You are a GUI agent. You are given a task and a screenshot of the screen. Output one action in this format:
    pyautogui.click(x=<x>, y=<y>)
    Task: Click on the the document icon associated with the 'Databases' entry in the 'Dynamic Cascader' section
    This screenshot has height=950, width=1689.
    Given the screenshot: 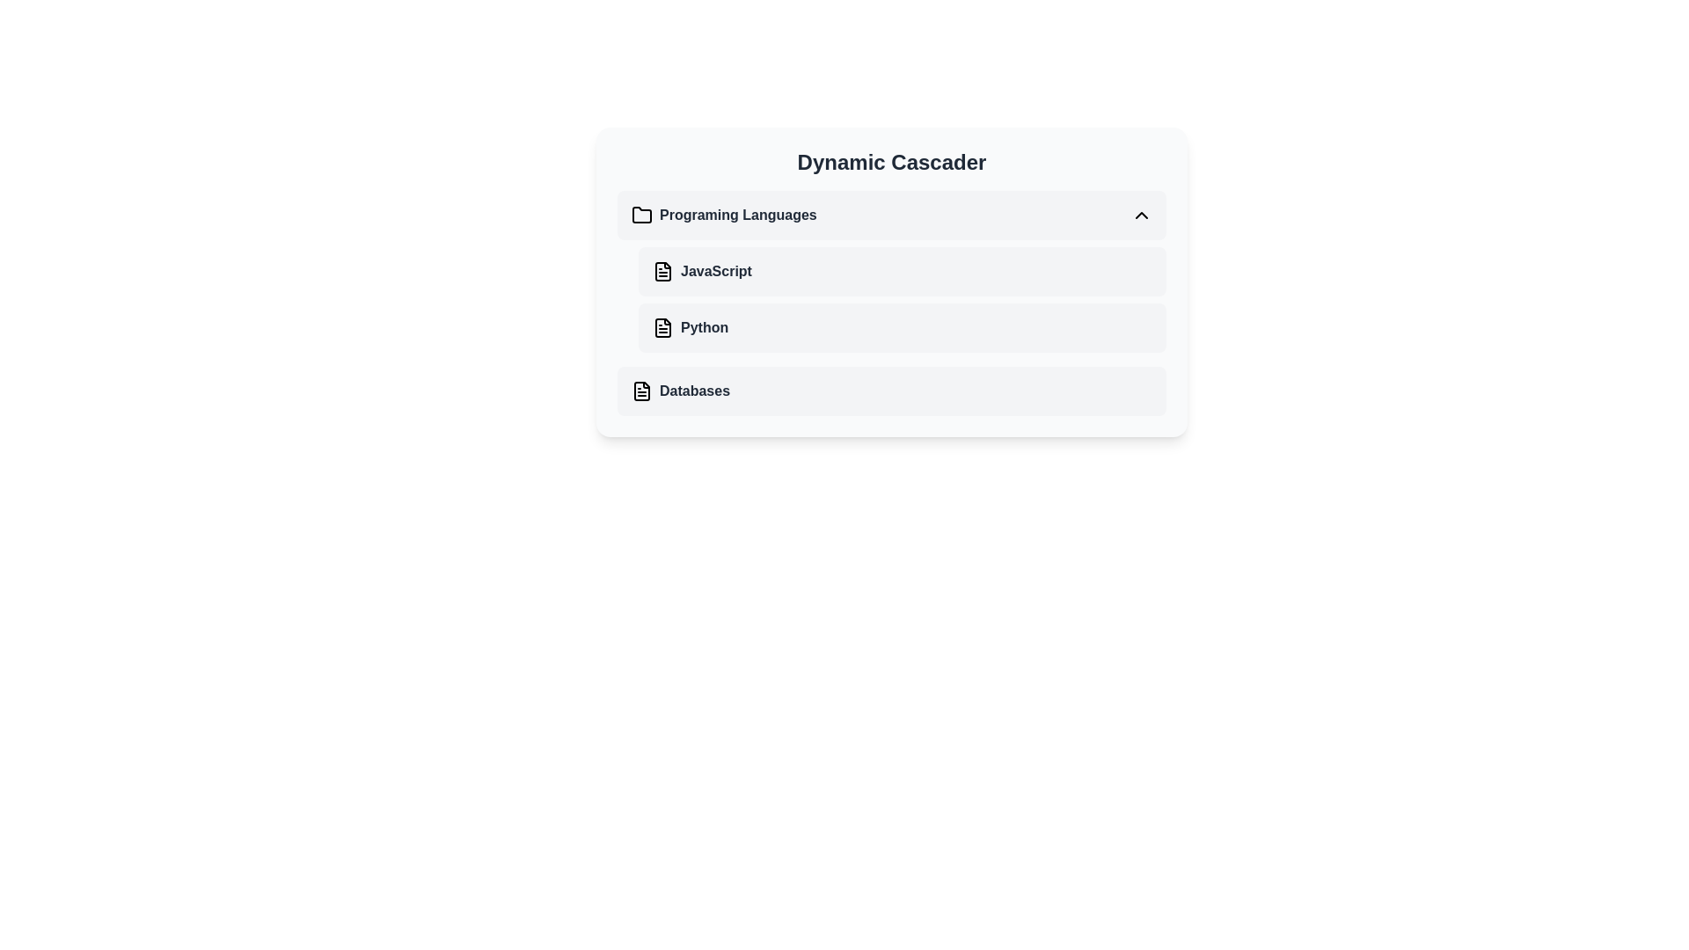 What is the action you would take?
    pyautogui.click(x=640, y=390)
    